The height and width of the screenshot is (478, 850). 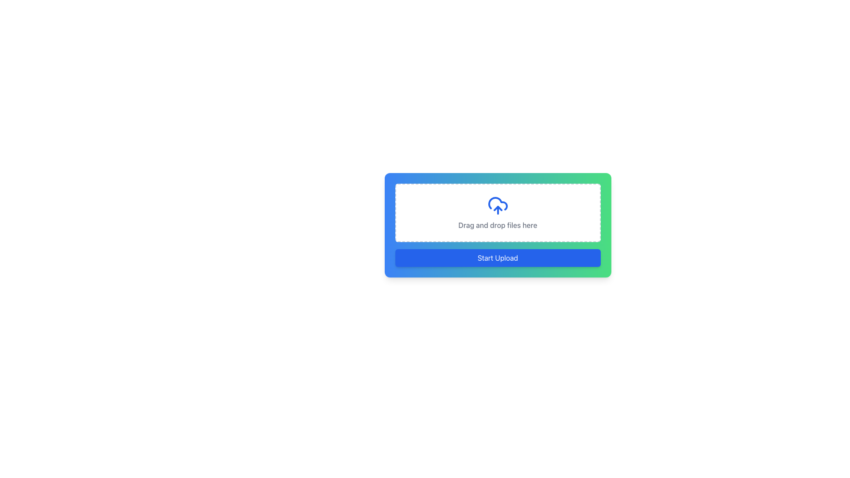 I want to click on the 'Start Upload' button with blue background and white text for keyboard interactions, so click(x=498, y=258).